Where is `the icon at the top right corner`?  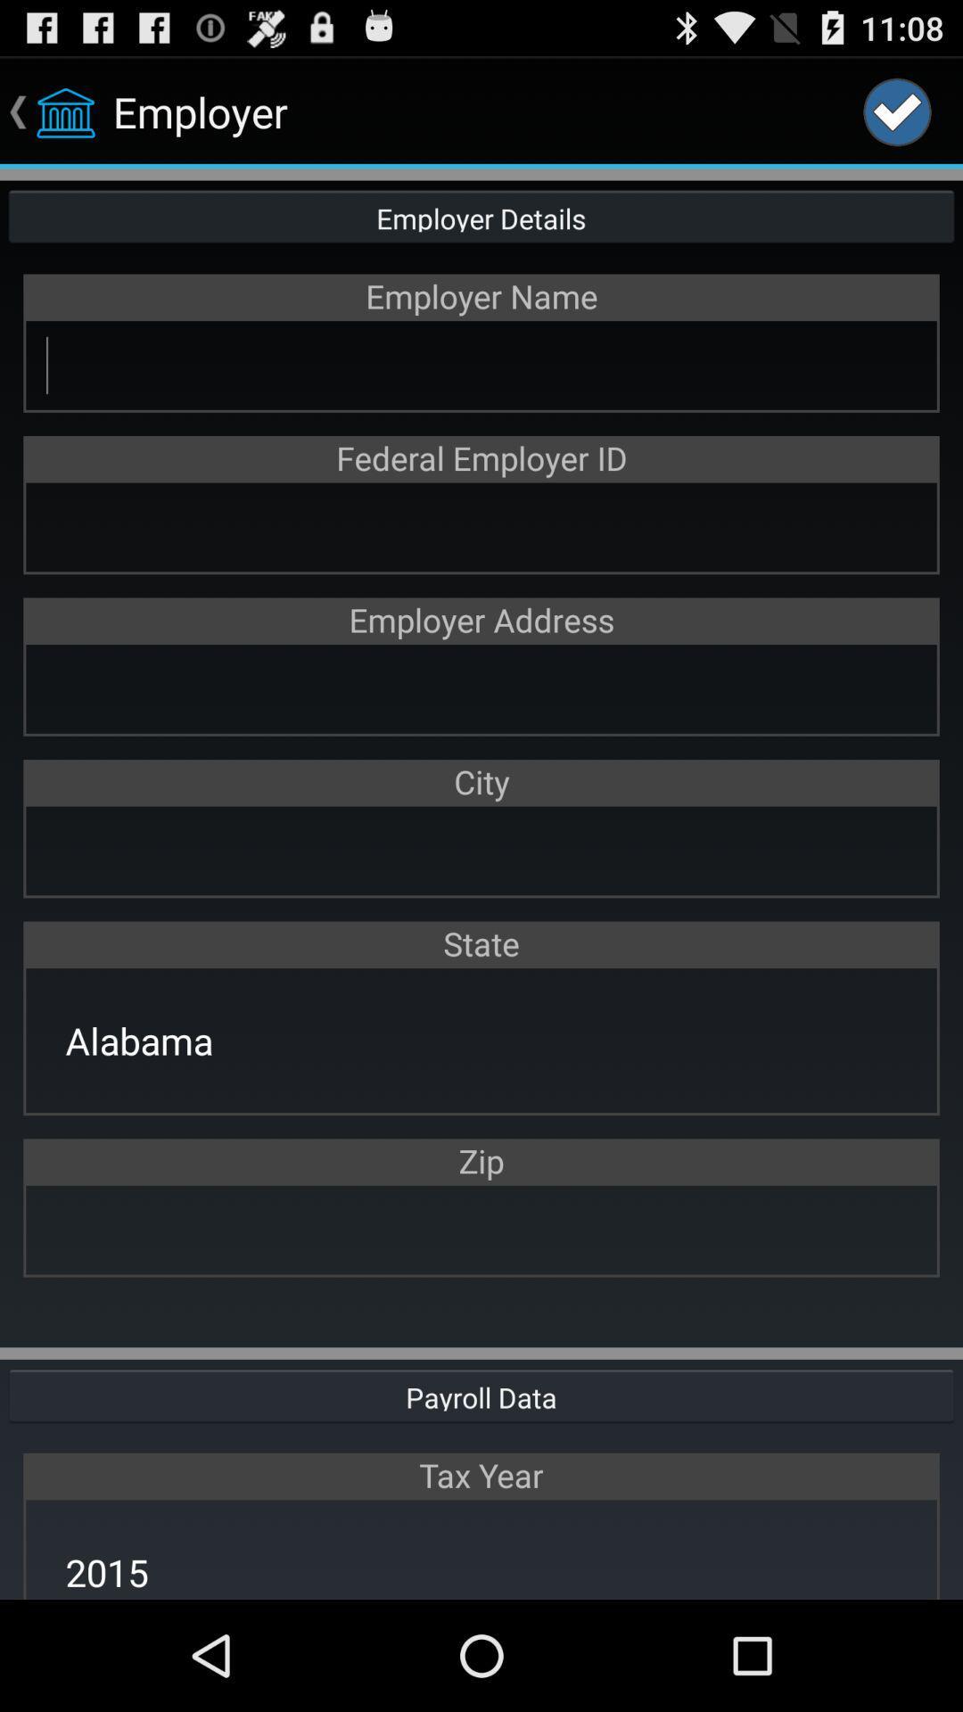 the icon at the top right corner is located at coordinates (897, 111).